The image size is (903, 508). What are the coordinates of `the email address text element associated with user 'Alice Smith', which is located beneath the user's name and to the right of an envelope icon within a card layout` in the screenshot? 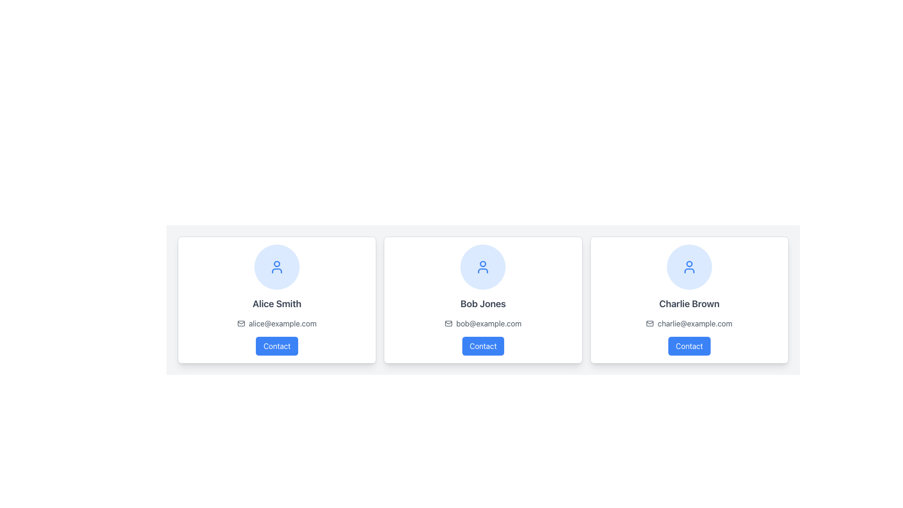 It's located at (282, 323).